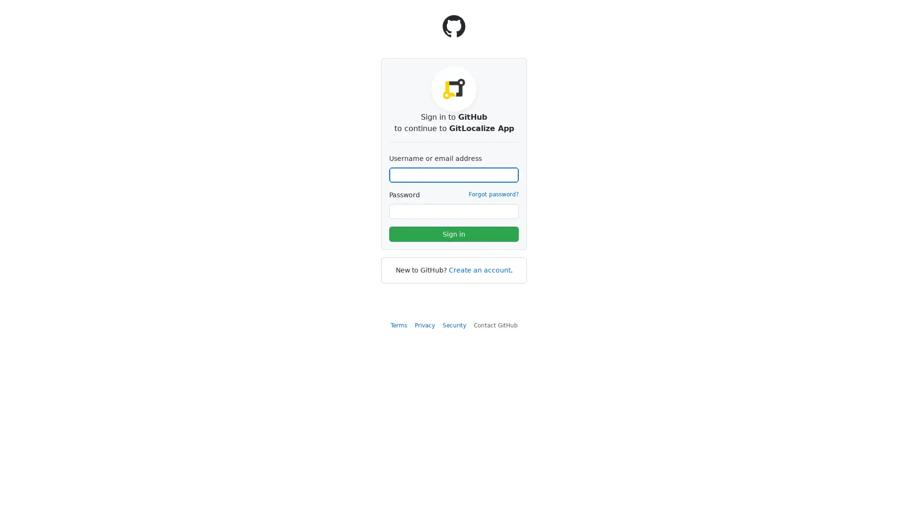 This screenshot has width=908, height=511. I want to click on Sign in, so click(454, 234).